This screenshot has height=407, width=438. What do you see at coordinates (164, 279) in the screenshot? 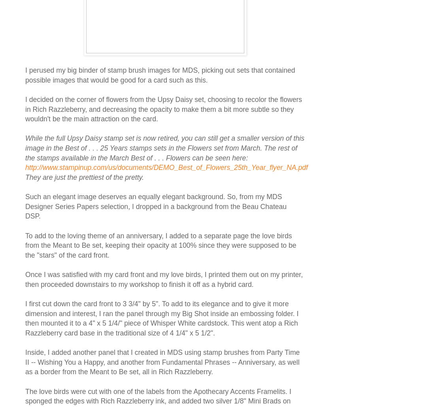
I see `'Once I was satisfied with my card front and my love birds, I printed them out on my printer, then proceeded downstairs to my workshop to finish it off as a hybrid card.'` at bounding box center [164, 279].